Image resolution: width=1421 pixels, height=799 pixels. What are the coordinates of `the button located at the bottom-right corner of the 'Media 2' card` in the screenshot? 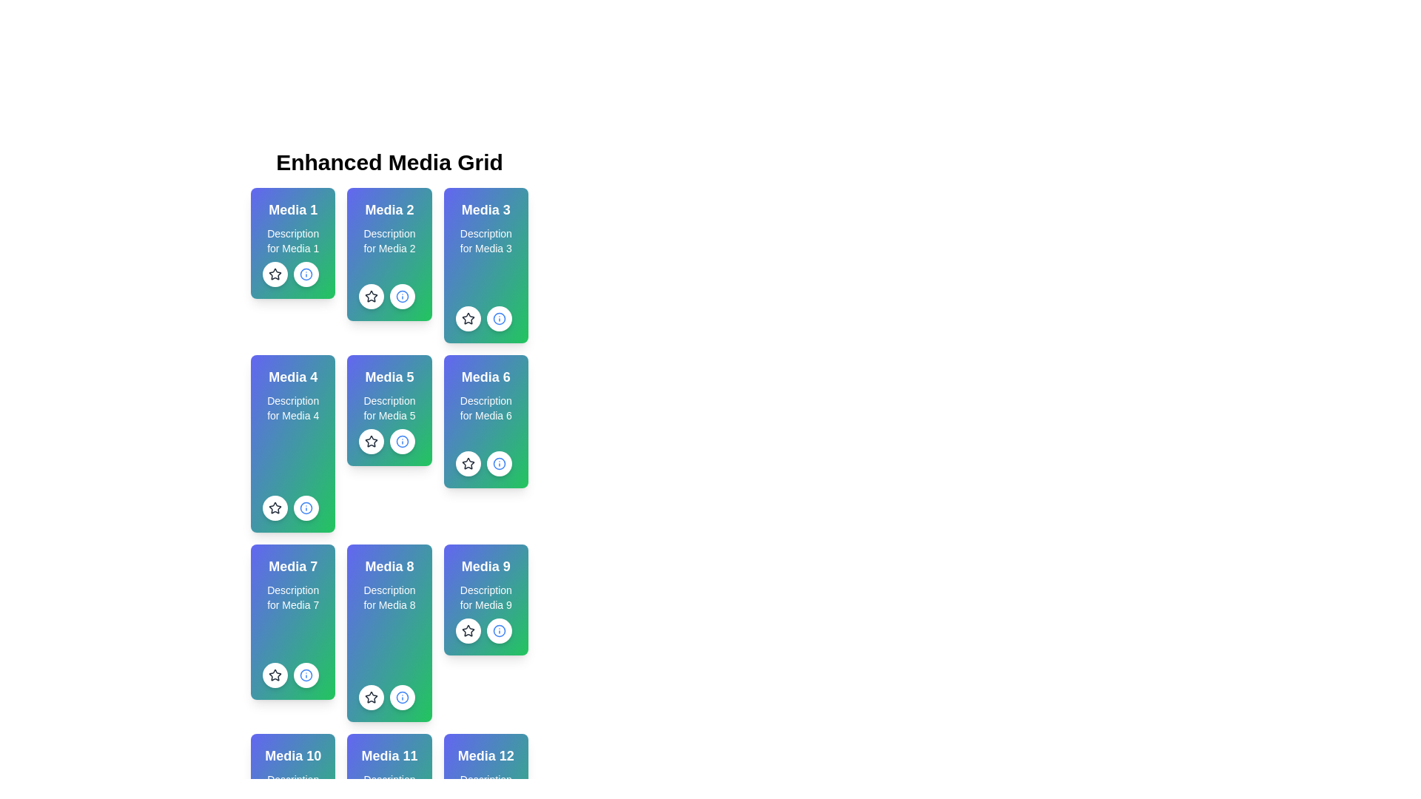 It's located at (403, 297).